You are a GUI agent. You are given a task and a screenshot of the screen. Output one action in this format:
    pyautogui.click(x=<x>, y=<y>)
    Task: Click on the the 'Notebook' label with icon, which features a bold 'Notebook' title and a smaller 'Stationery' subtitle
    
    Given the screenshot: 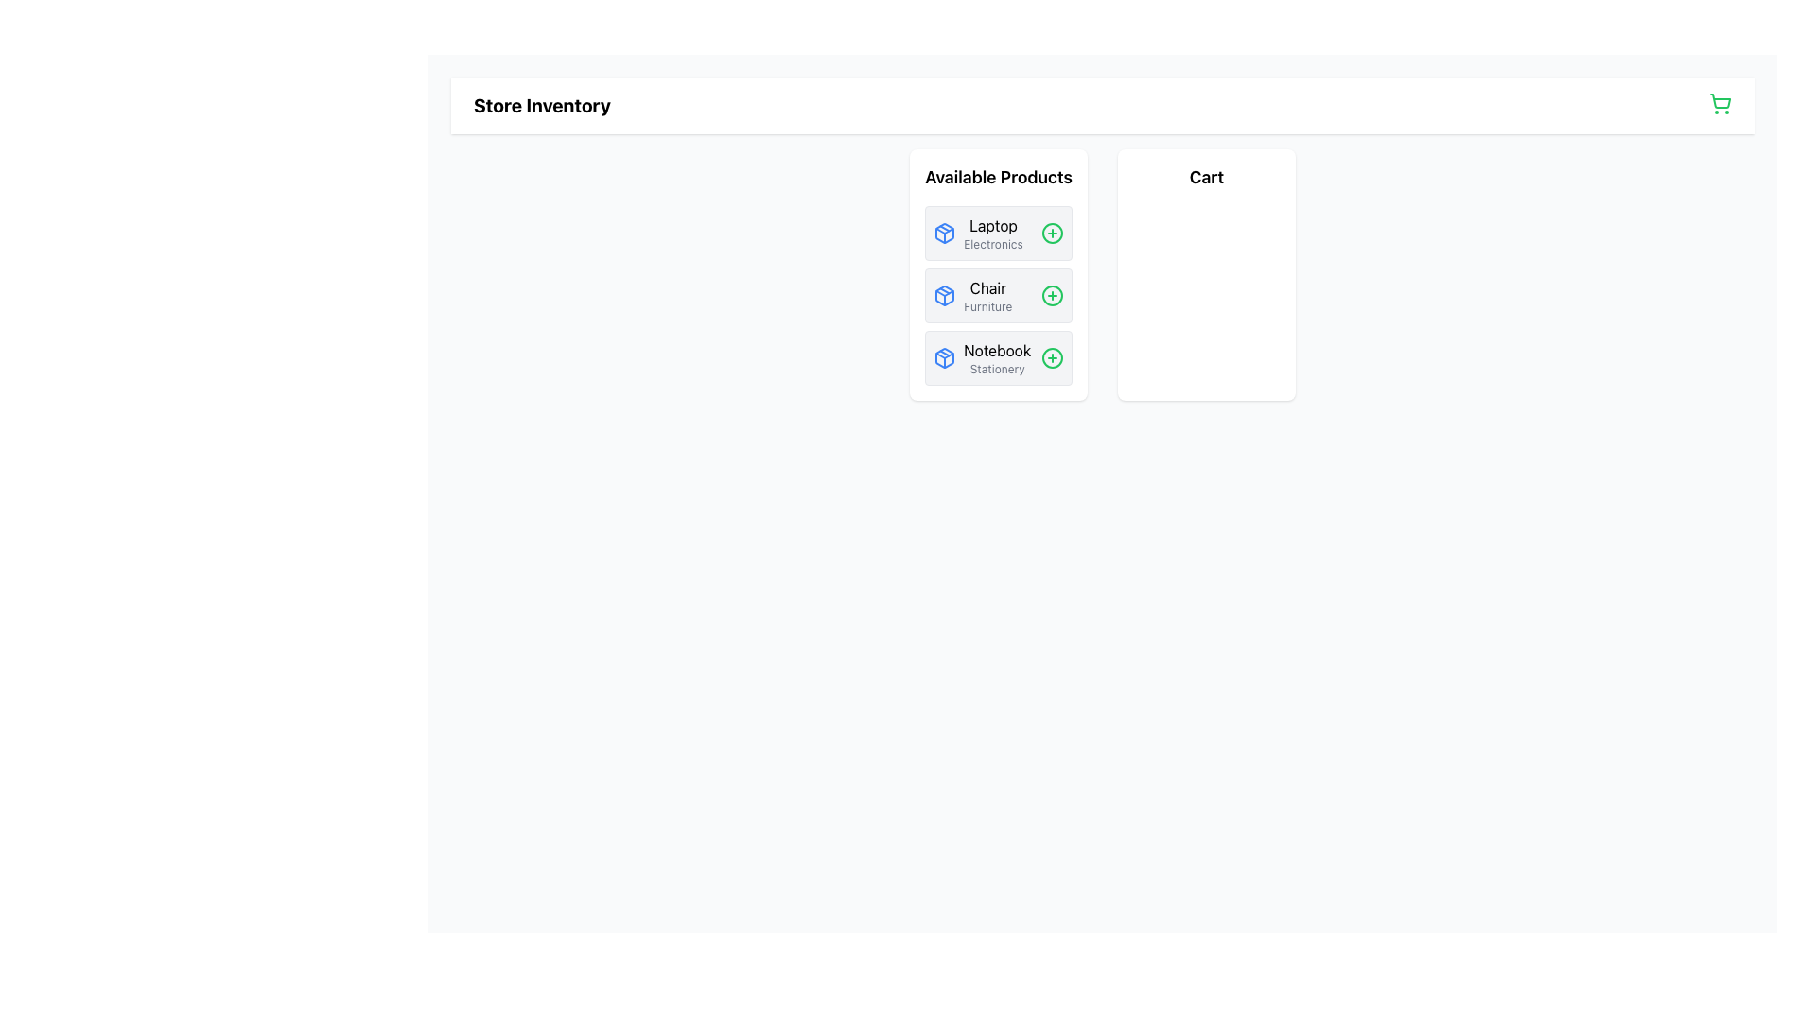 What is the action you would take?
    pyautogui.click(x=982, y=357)
    